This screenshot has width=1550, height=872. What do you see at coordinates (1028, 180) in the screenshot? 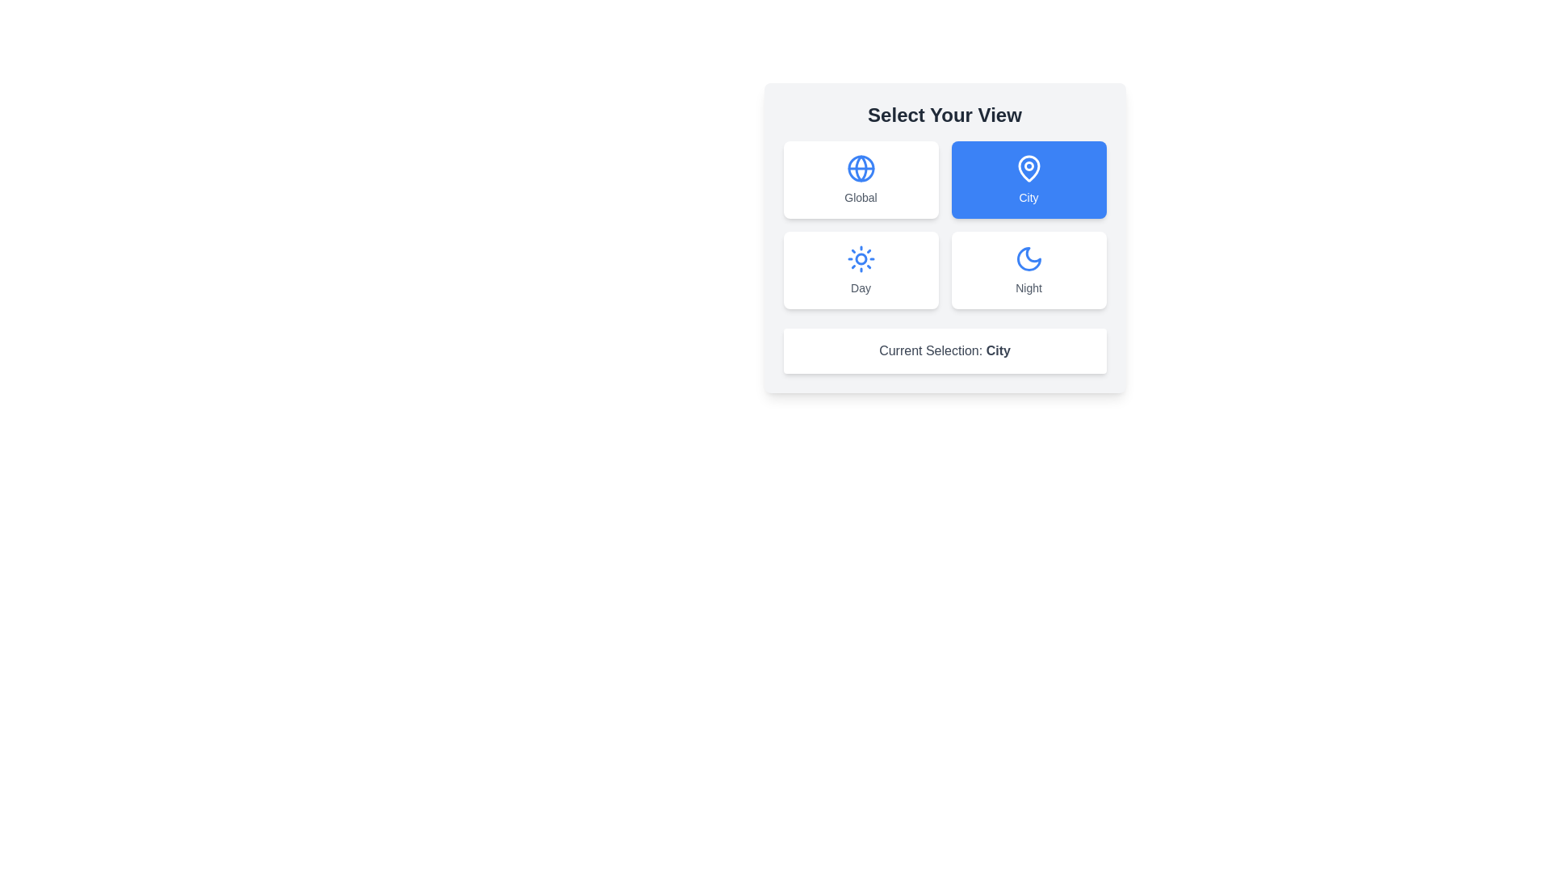
I see `the 'City' button located in the top-right cell of the 'Select Your View' layout` at bounding box center [1028, 180].